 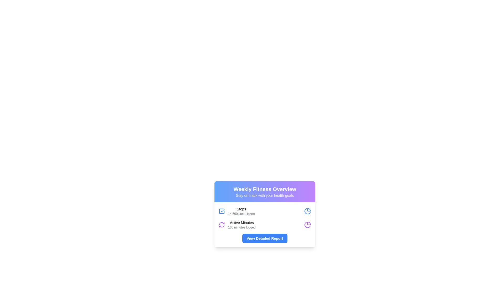 I want to click on the text element displaying 'Weekly Fitness Overview', which is in a large, bold white font against a blue to purple gradient background, so click(x=265, y=189).